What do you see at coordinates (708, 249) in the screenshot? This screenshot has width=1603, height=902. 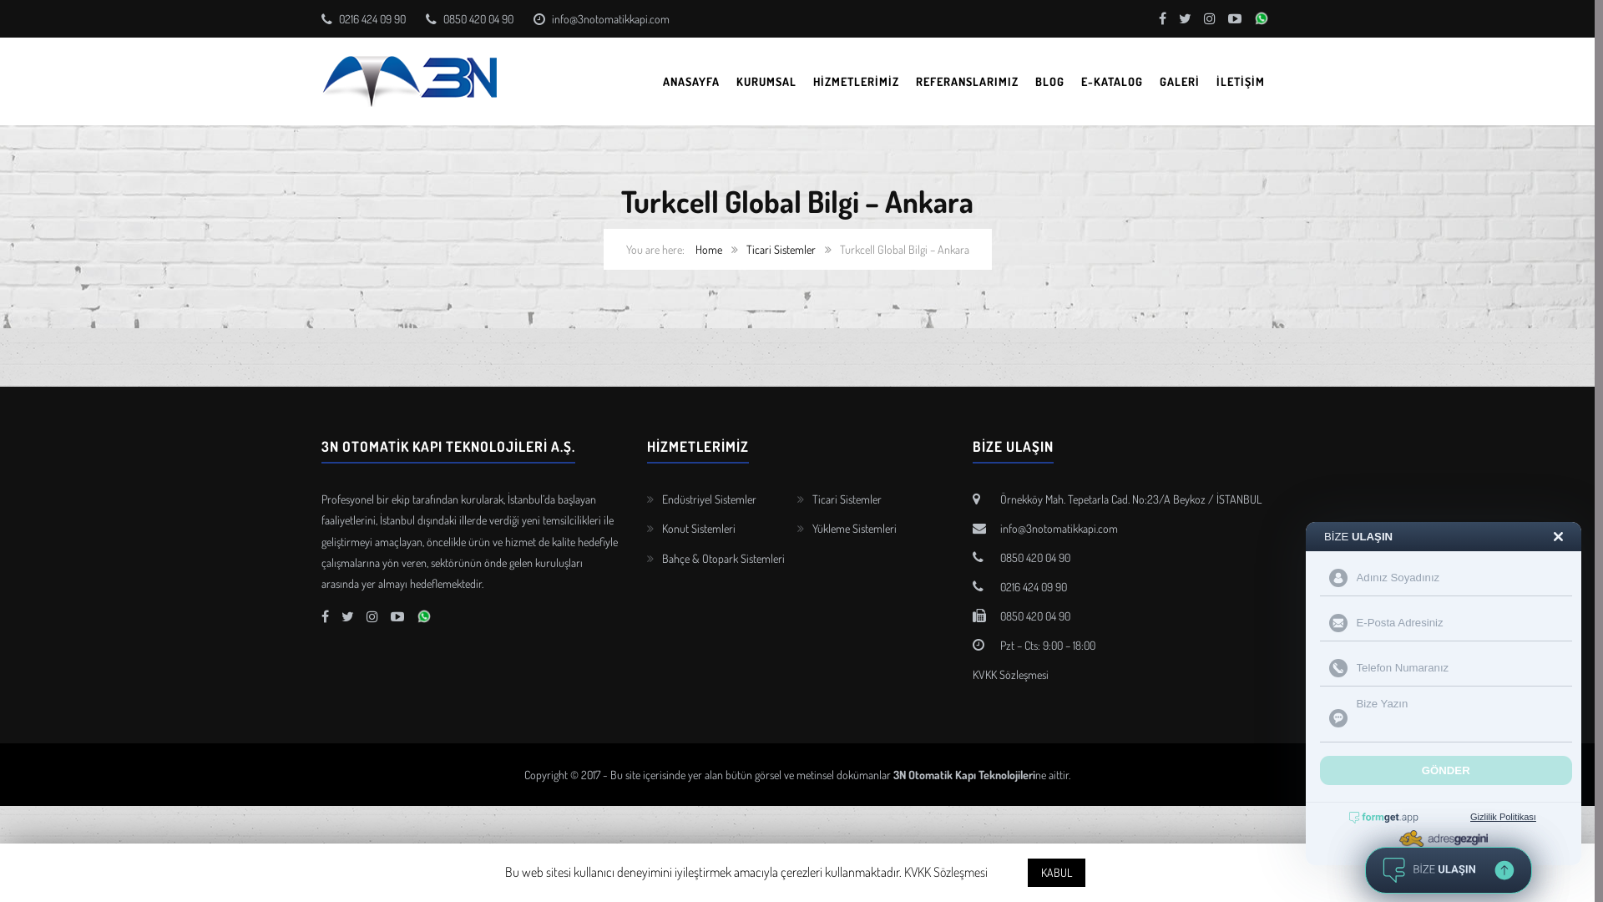 I see `'Home'` at bounding box center [708, 249].